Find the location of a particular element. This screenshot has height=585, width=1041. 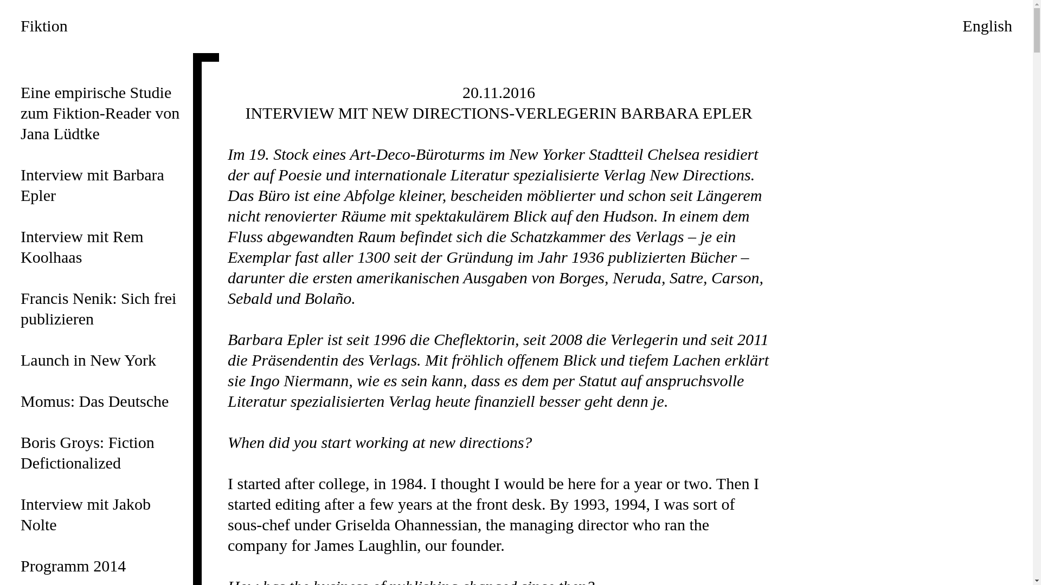

'English' is located at coordinates (987, 25).